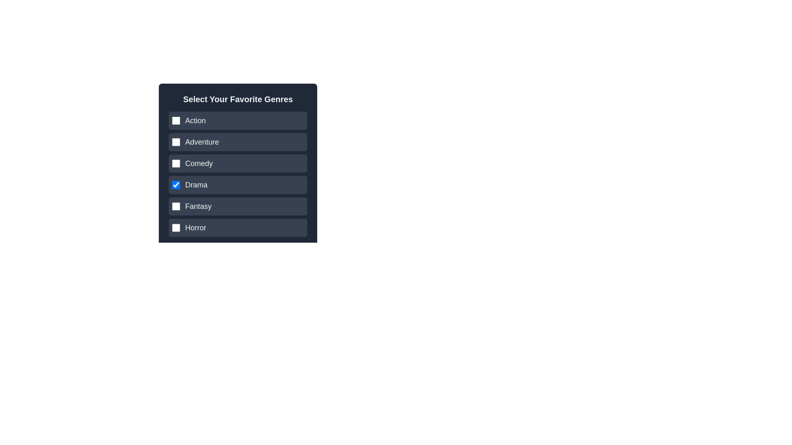 Image resolution: width=792 pixels, height=445 pixels. Describe the element at coordinates (237, 184) in the screenshot. I see `the checkbox for the 'Drama' genre option` at that location.